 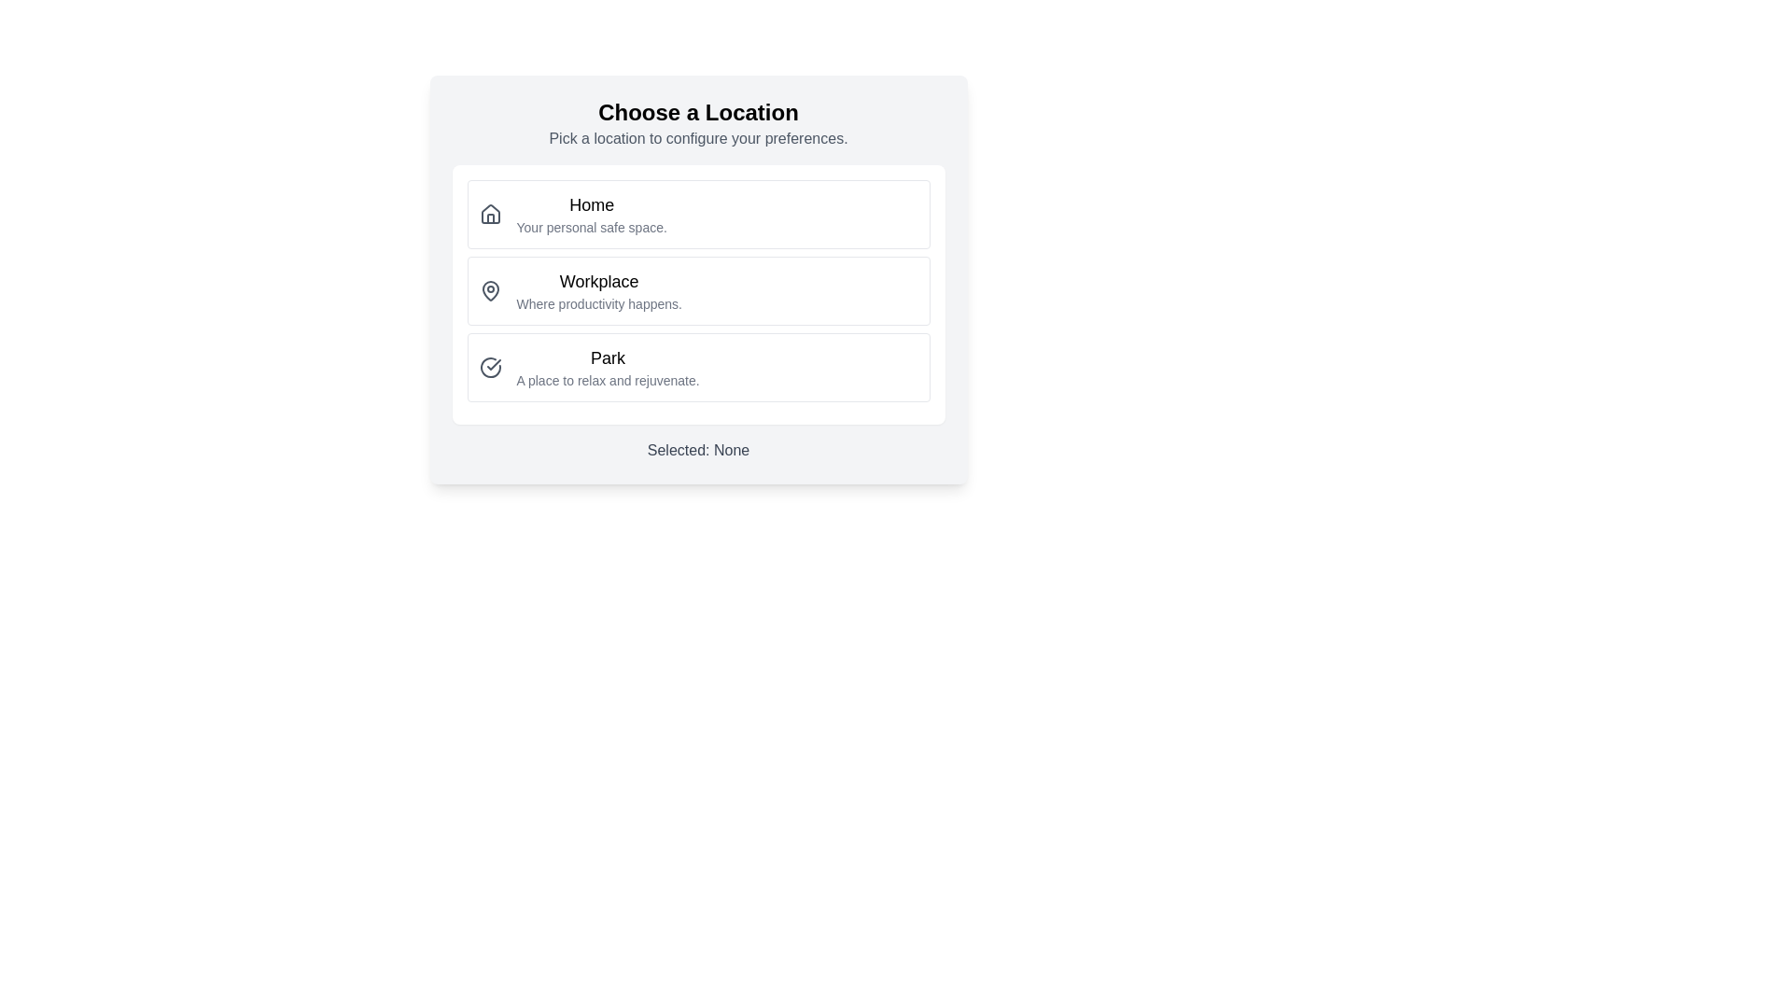 What do you see at coordinates (490, 367) in the screenshot?
I see `the gray checkmark icon inside a circle located to the far left of the 'Park' list item` at bounding box center [490, 367].